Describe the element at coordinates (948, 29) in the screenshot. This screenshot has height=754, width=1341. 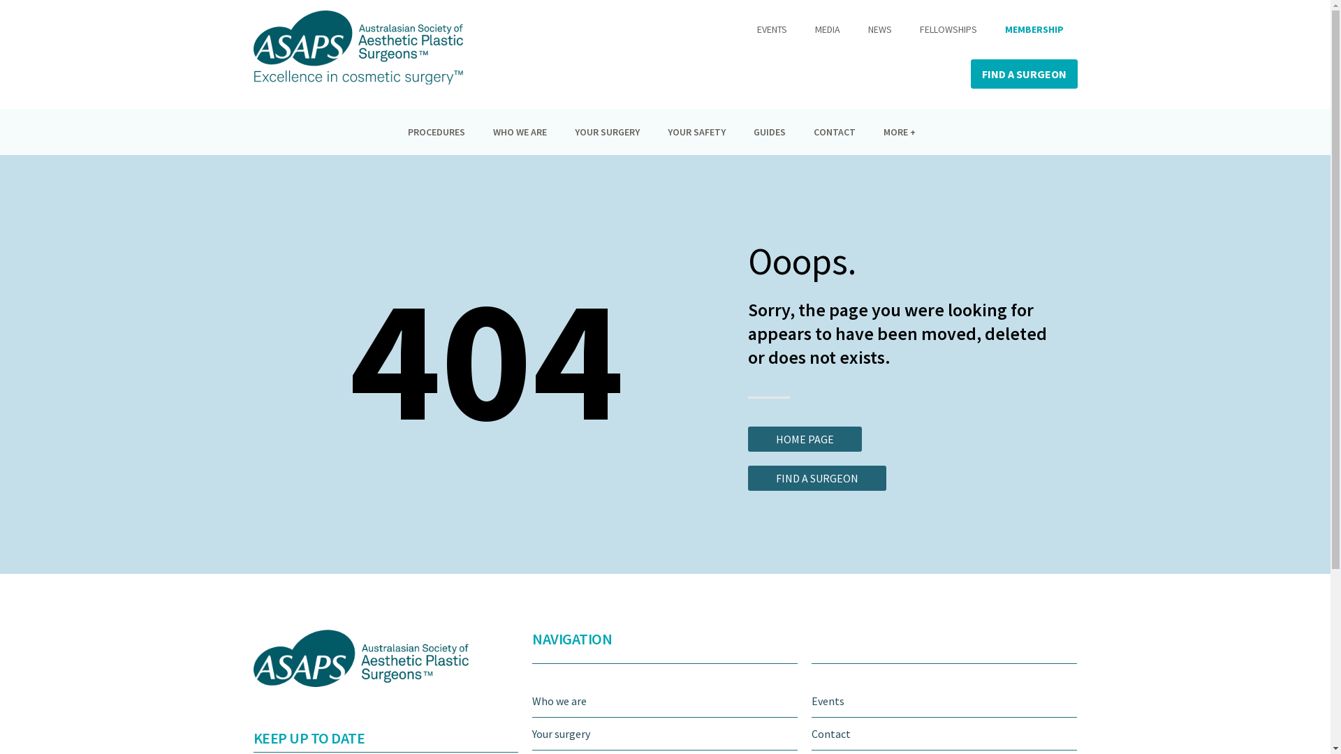
I see `'FELLOWSHIPS'` at that location.